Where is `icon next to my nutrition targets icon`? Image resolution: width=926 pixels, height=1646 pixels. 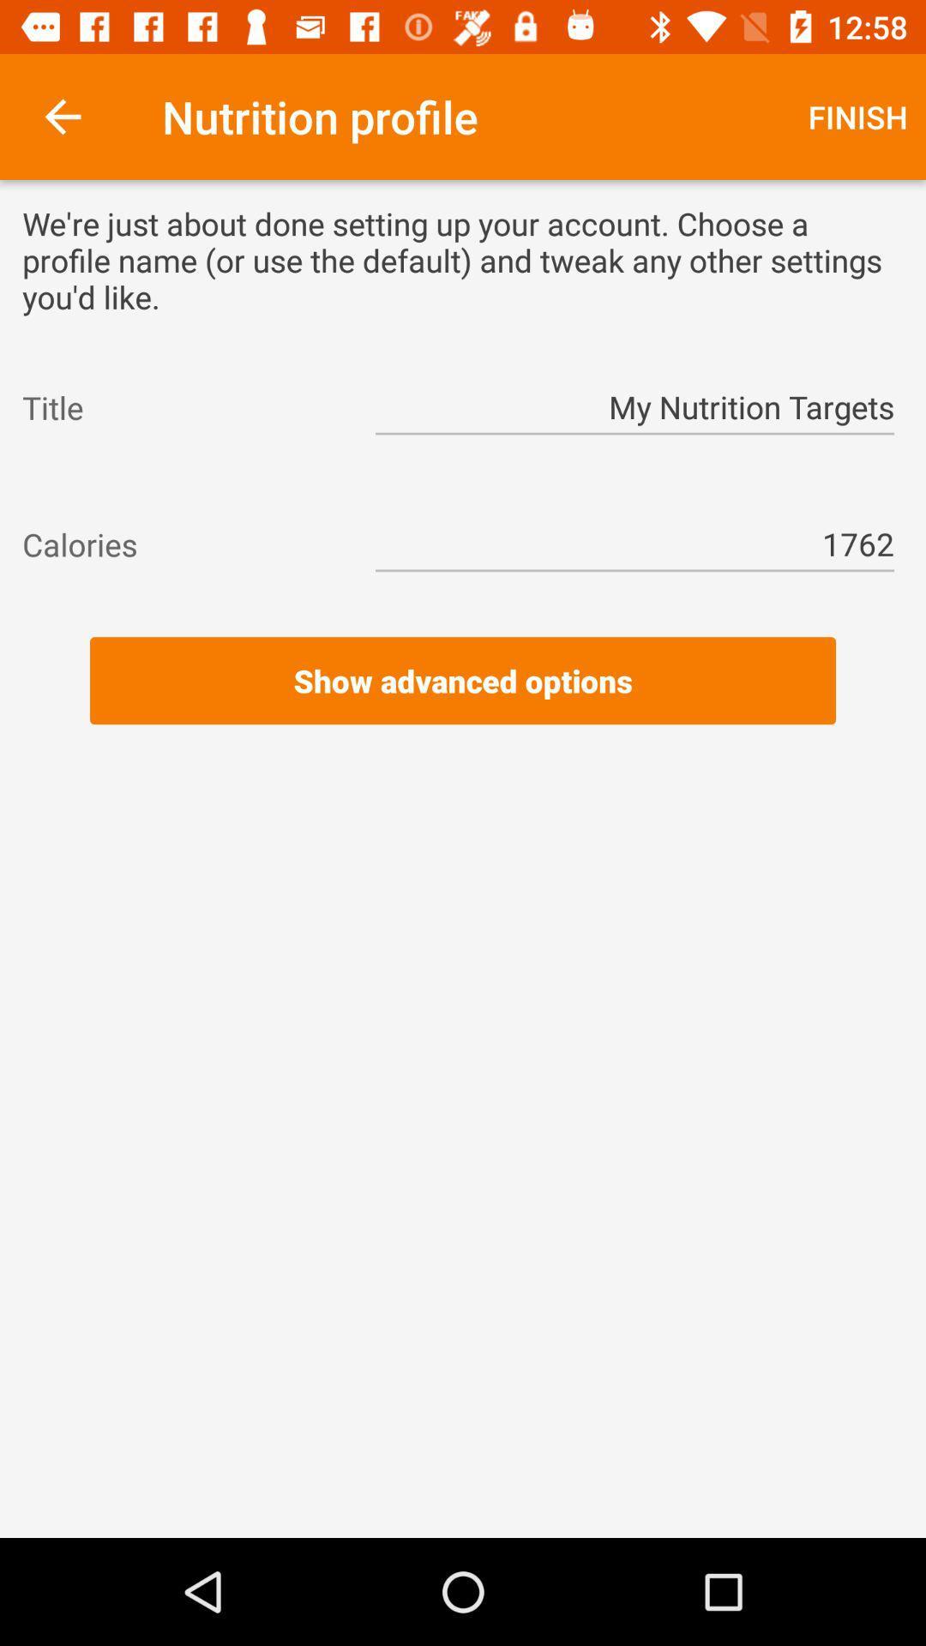 icon next to my nutrition targets icon is located at coordinates (183, 406).